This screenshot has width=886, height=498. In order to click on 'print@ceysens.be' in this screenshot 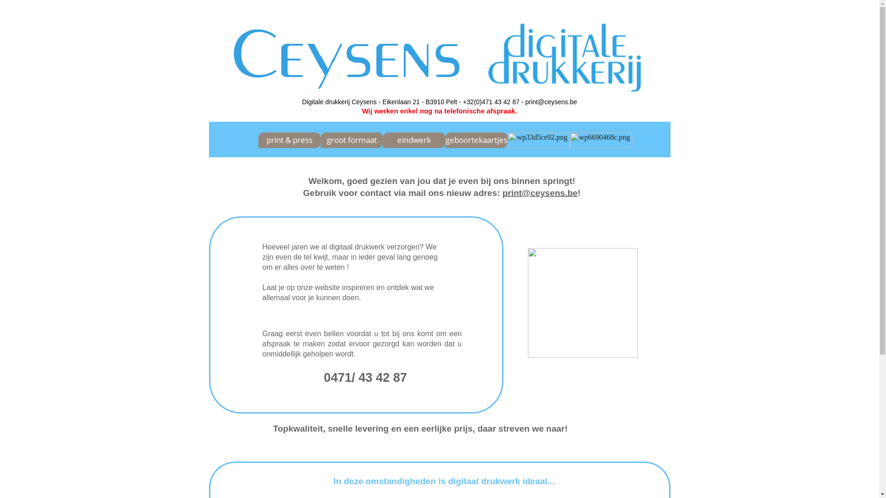, I will do `click(540, 193)`.